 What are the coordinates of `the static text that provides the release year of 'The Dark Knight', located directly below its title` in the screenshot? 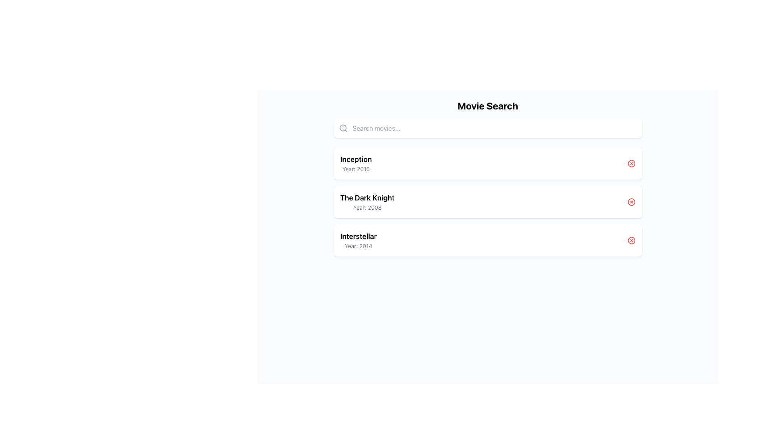 It's located at (367, 207).